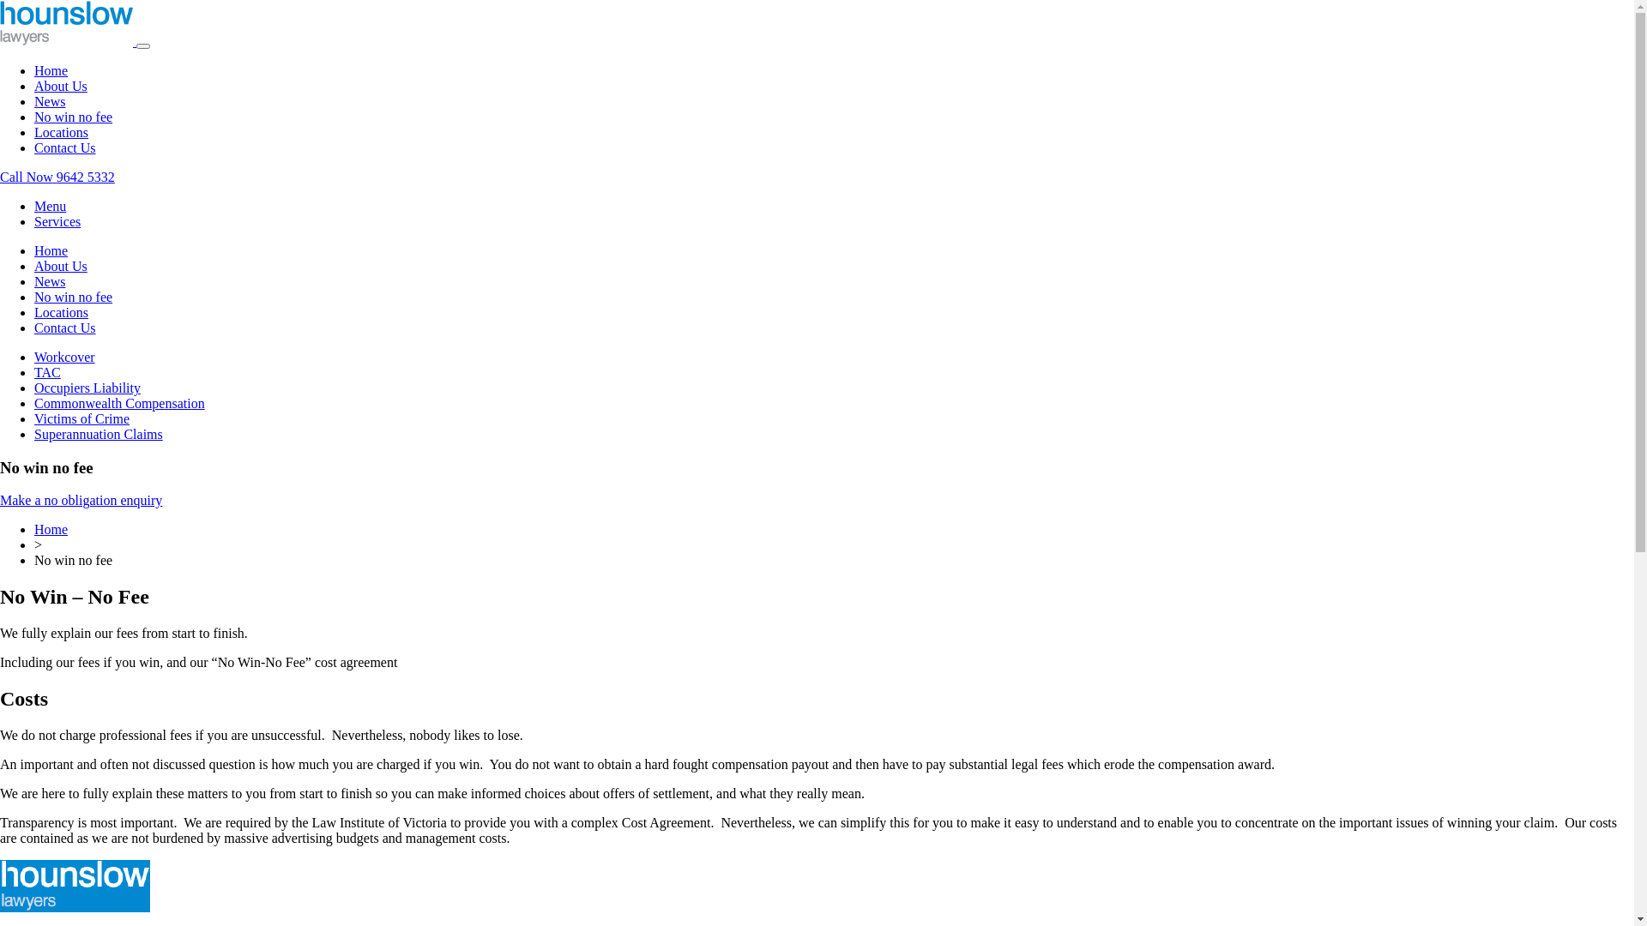  I want to click on 'TAC', so click(47, 371).